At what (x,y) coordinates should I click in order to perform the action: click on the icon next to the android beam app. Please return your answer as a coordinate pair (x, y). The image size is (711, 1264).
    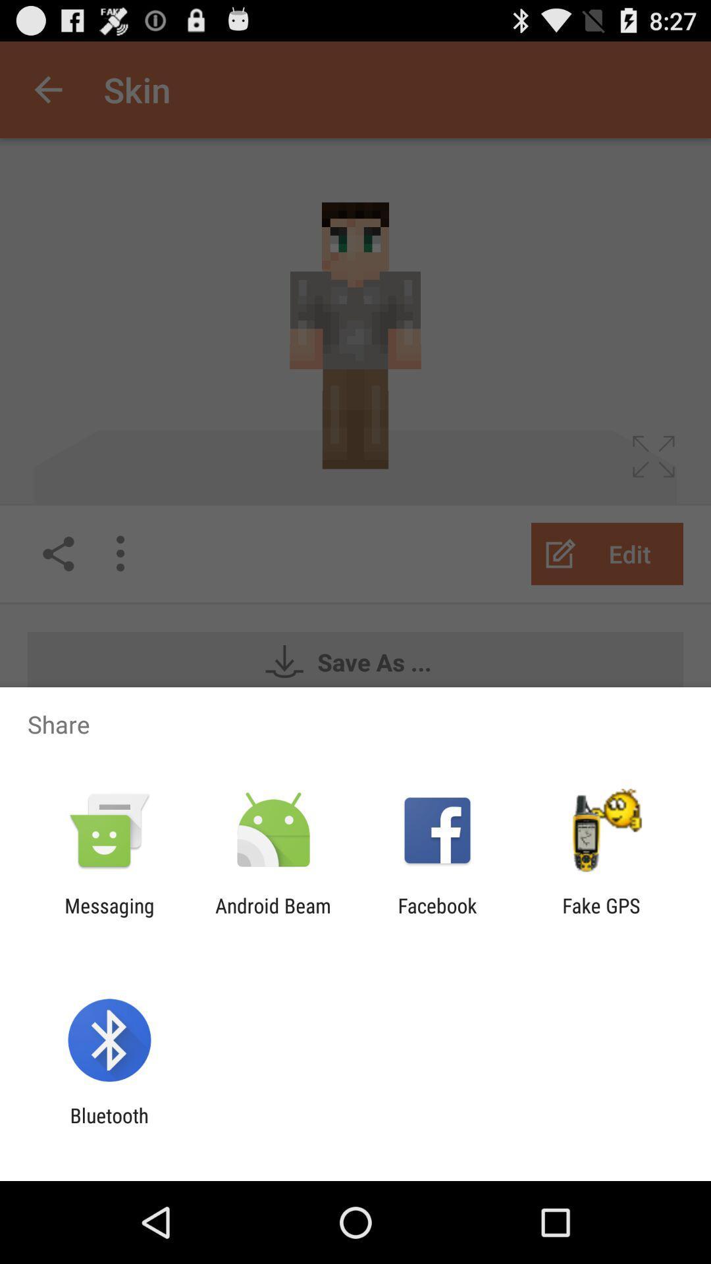
    Looking at the image, I should click on (109, 916).